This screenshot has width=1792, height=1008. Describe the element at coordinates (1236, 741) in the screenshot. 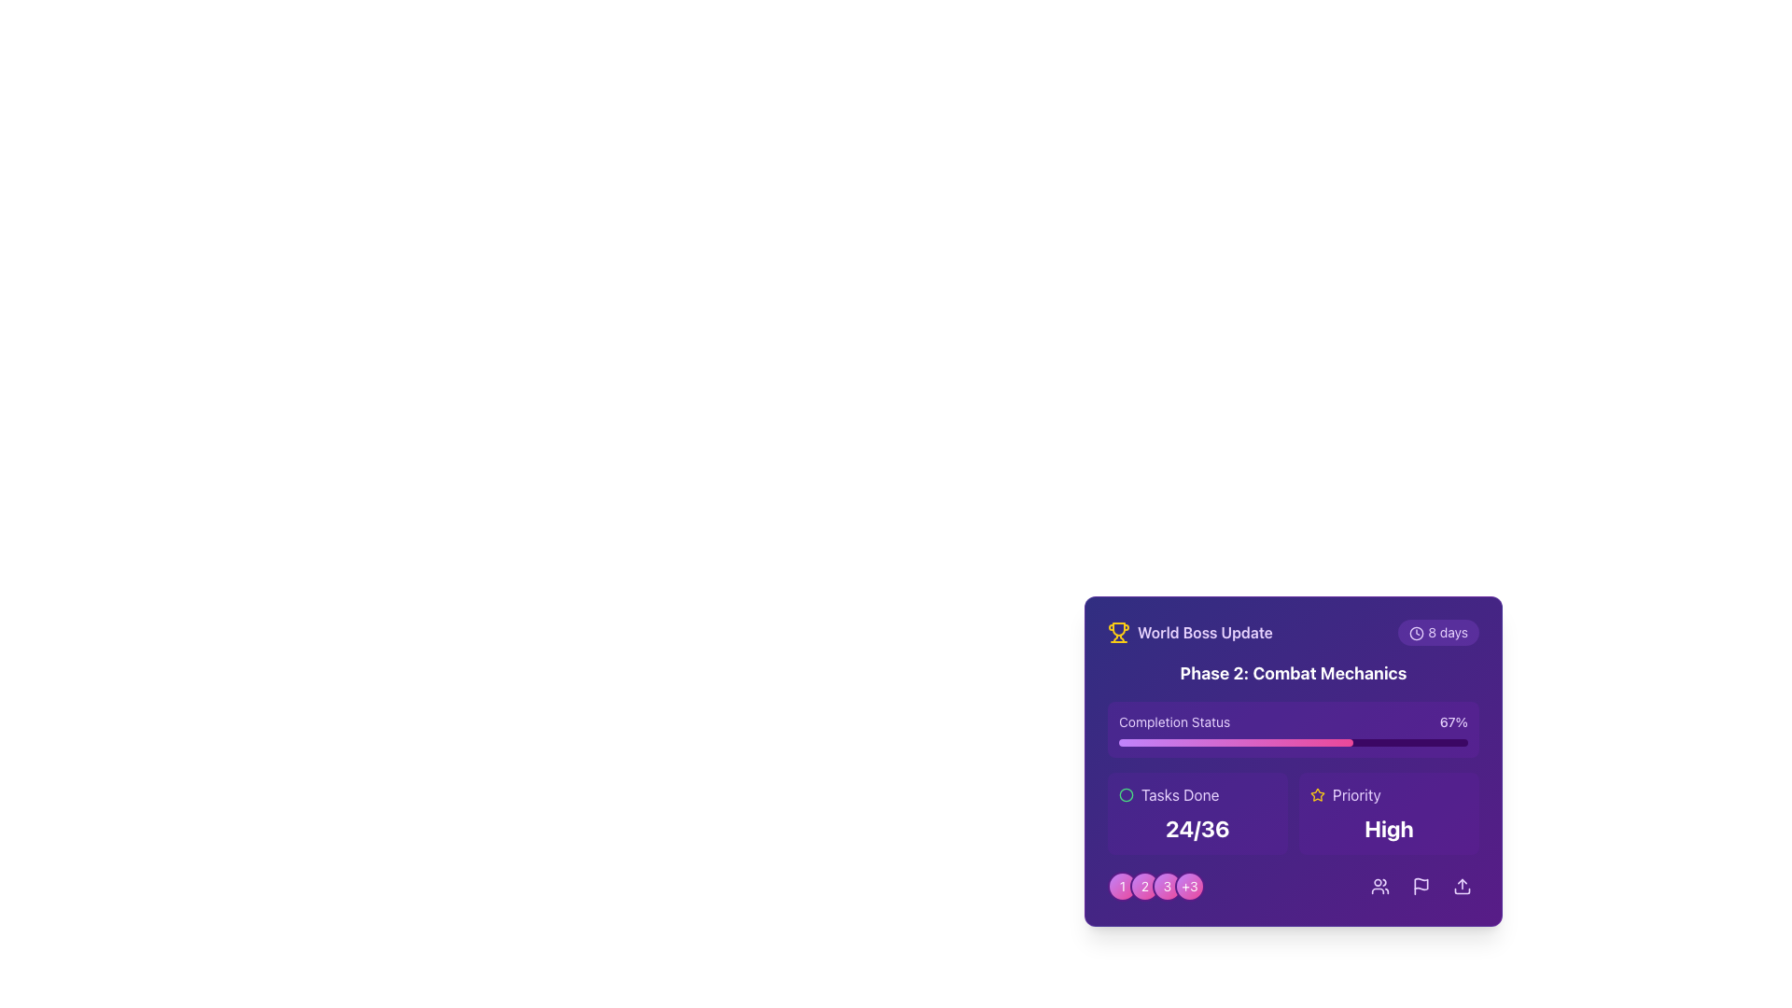

I see `the progress bar indicating 67% completion, which is located under the 'Phase 2: Combat Mechanics' section and has a gradient fill transitioning from purple to pink` at that location.